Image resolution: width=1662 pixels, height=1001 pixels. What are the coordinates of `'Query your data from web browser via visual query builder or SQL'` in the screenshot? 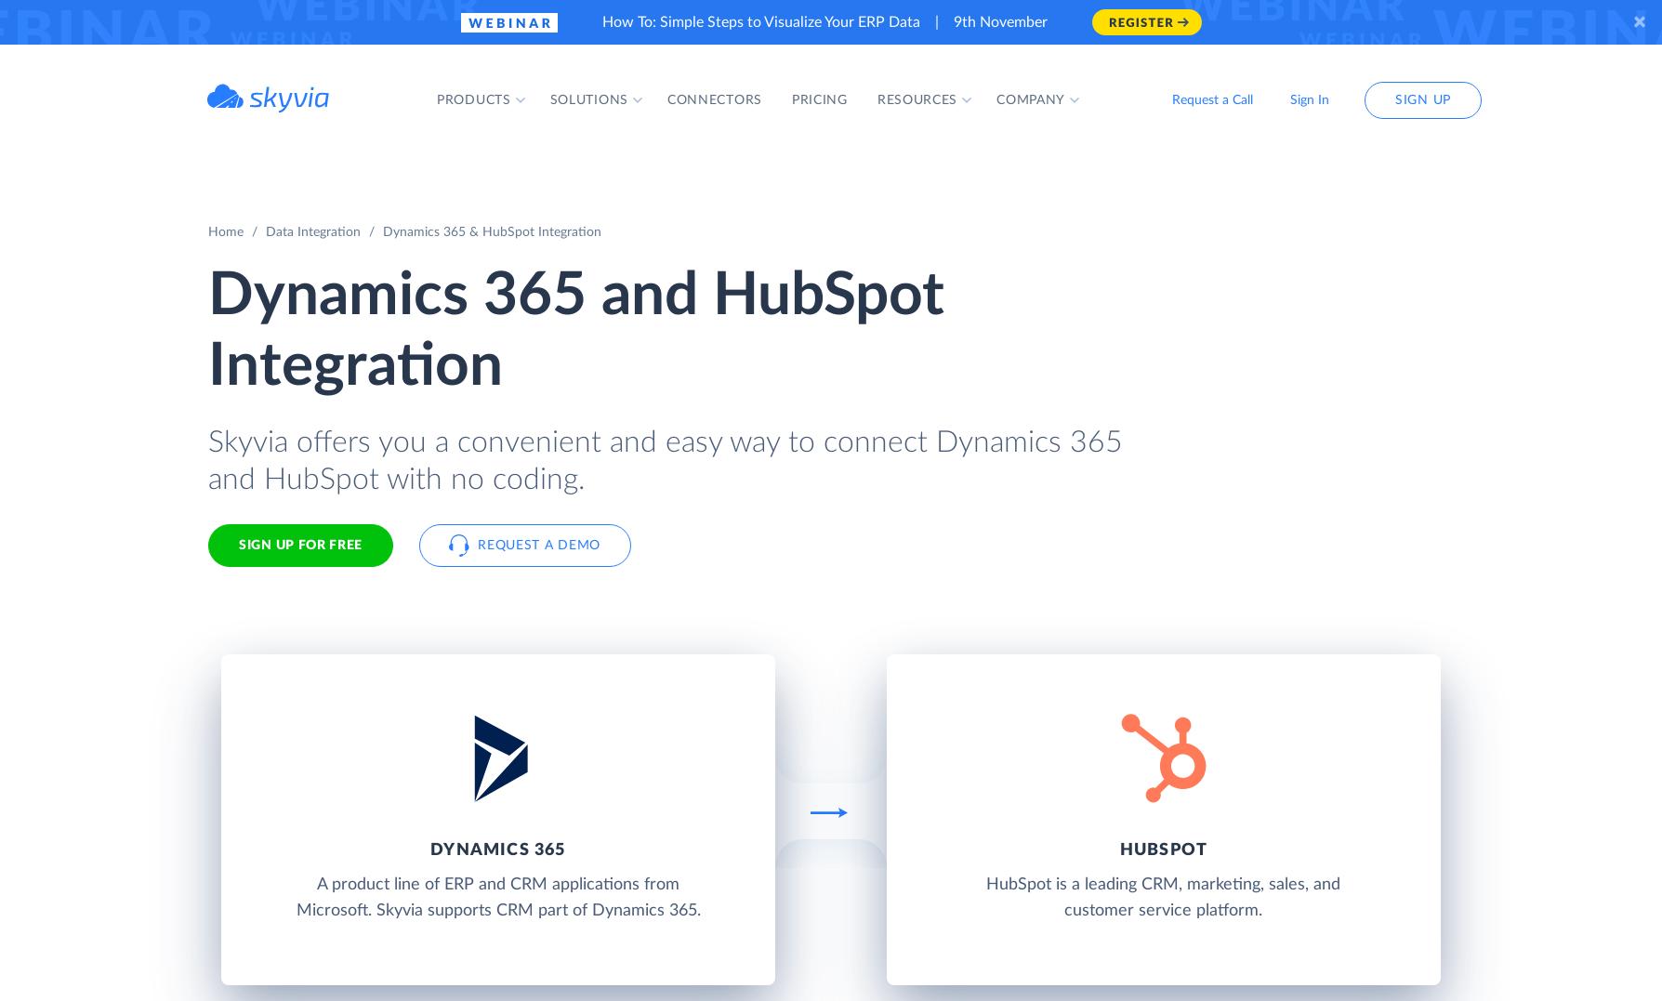 It's located at (687, 380).